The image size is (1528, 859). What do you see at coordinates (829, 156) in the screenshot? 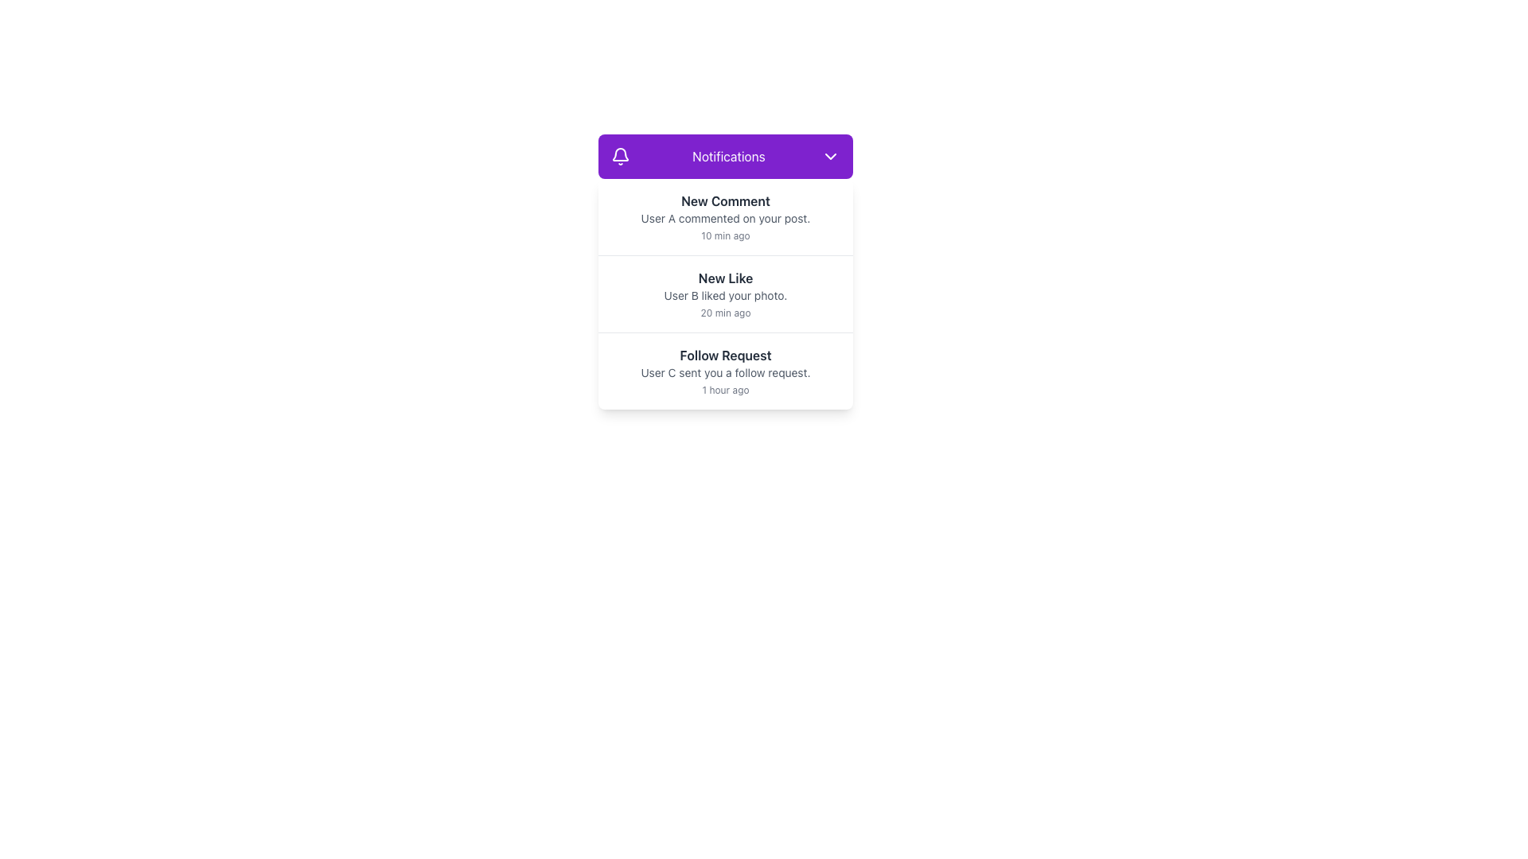
I see `the button located in the header of the notification panel, to the right of the 'Notifications' title` at bounding box center [829, 156].